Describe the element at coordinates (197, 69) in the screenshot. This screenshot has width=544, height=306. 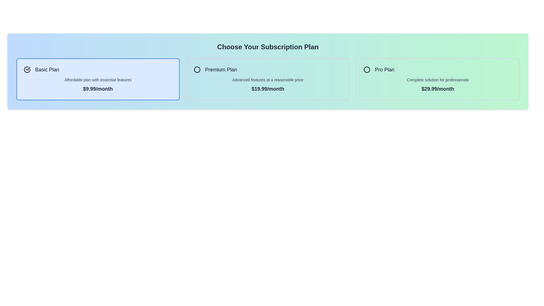
I see `the circular SVG element with the class 'lucide-circle' associated with the 'Premium Plan'` at that location.